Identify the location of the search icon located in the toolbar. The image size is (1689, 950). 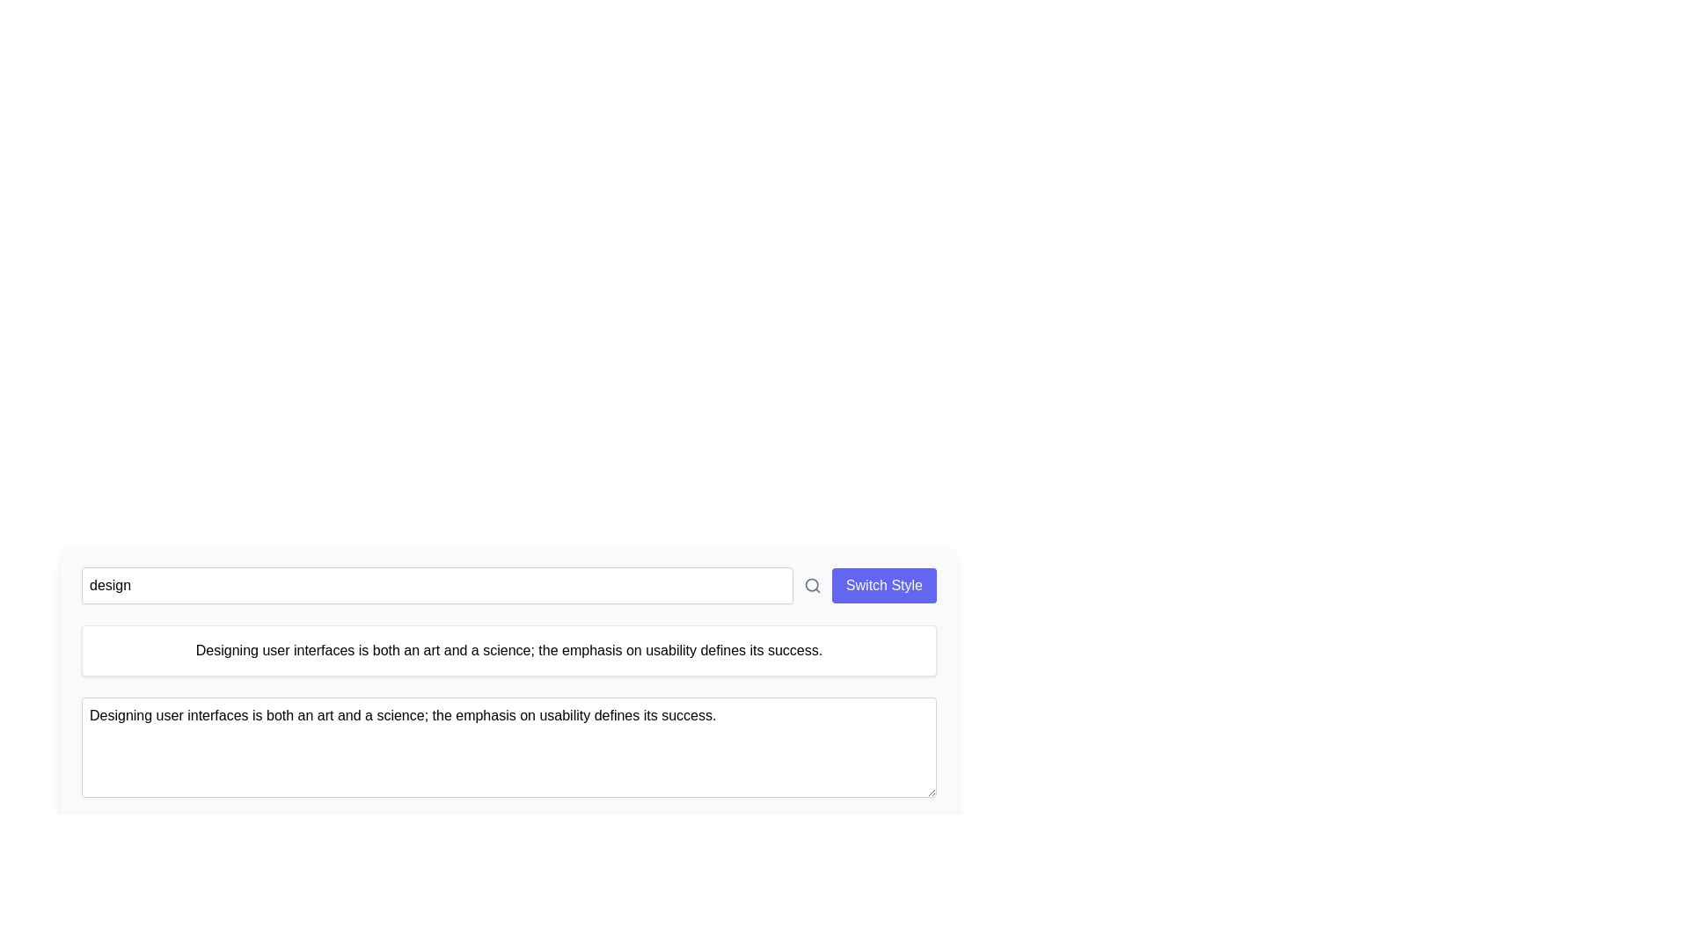
(811, 586).